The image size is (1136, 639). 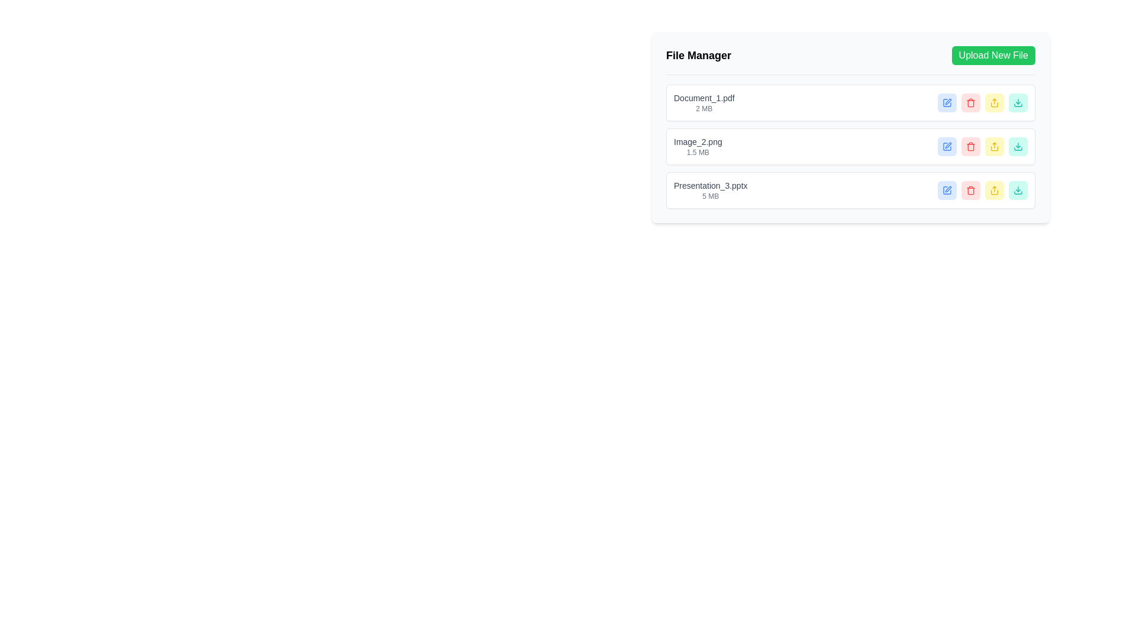 I want to click on the download button for the file 'Presentation_3.pptx' located in the 'File Manager' interface, positioned on the right side of the third file entry, so click(x=1018, y=146).